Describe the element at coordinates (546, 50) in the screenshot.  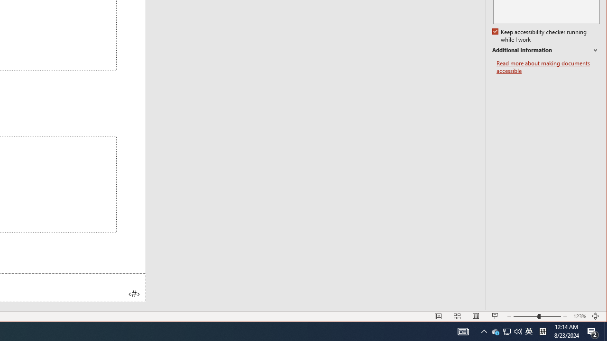
I see `'Additional Information'` at that location.